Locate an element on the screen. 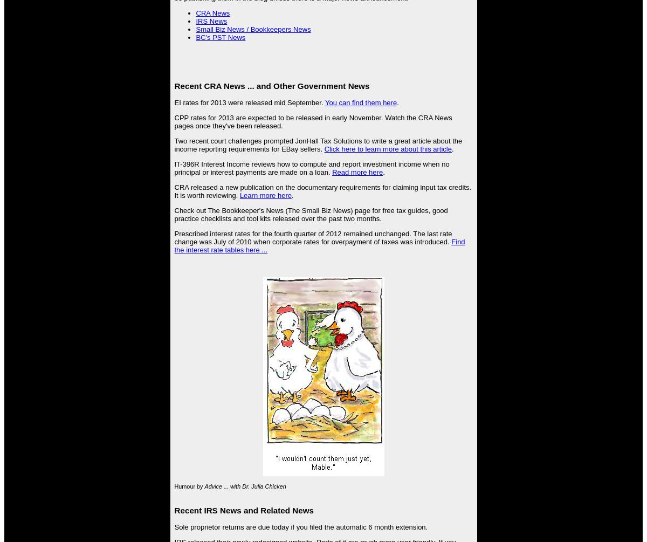 The image size is (647, 542). 'BC's PST News' is located at coordinates (220, 37).